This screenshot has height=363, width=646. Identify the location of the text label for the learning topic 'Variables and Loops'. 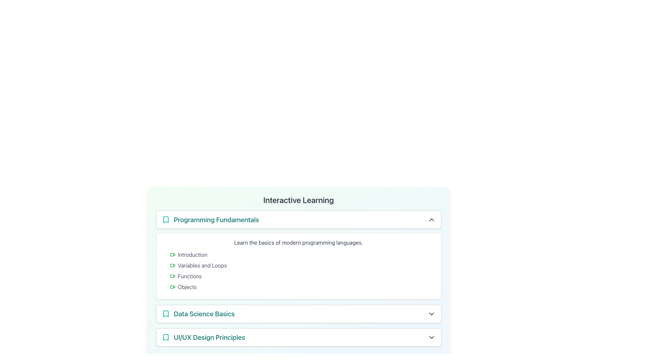
(202, 265).